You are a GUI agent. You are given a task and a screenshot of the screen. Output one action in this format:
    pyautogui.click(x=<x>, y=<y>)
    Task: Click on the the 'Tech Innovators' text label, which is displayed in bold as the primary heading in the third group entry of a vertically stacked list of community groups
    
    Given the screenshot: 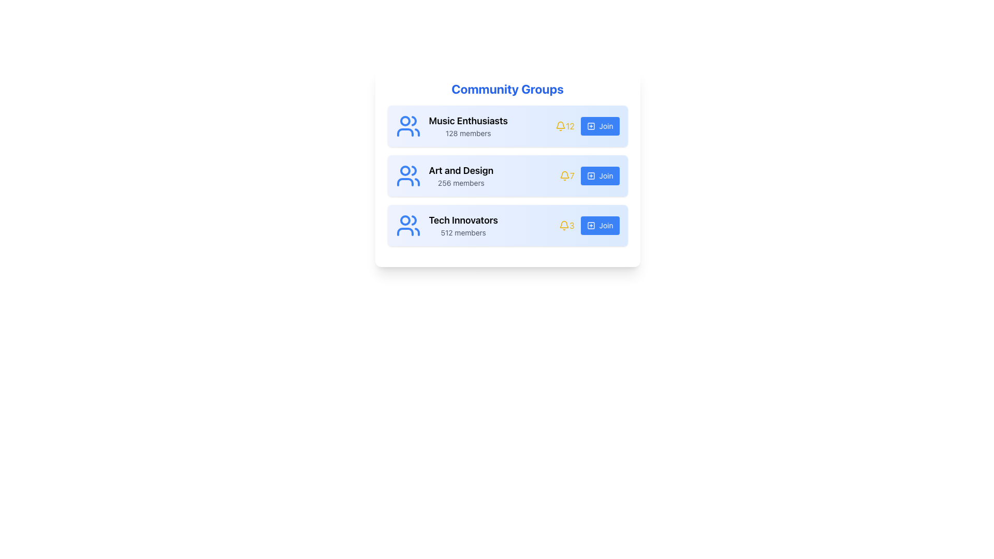 What is the action you would take?
    pyautogui.click(x=462, y=219)
    